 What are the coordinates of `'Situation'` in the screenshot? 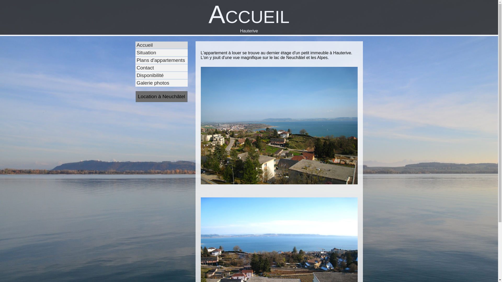 It's located at (167, 53).